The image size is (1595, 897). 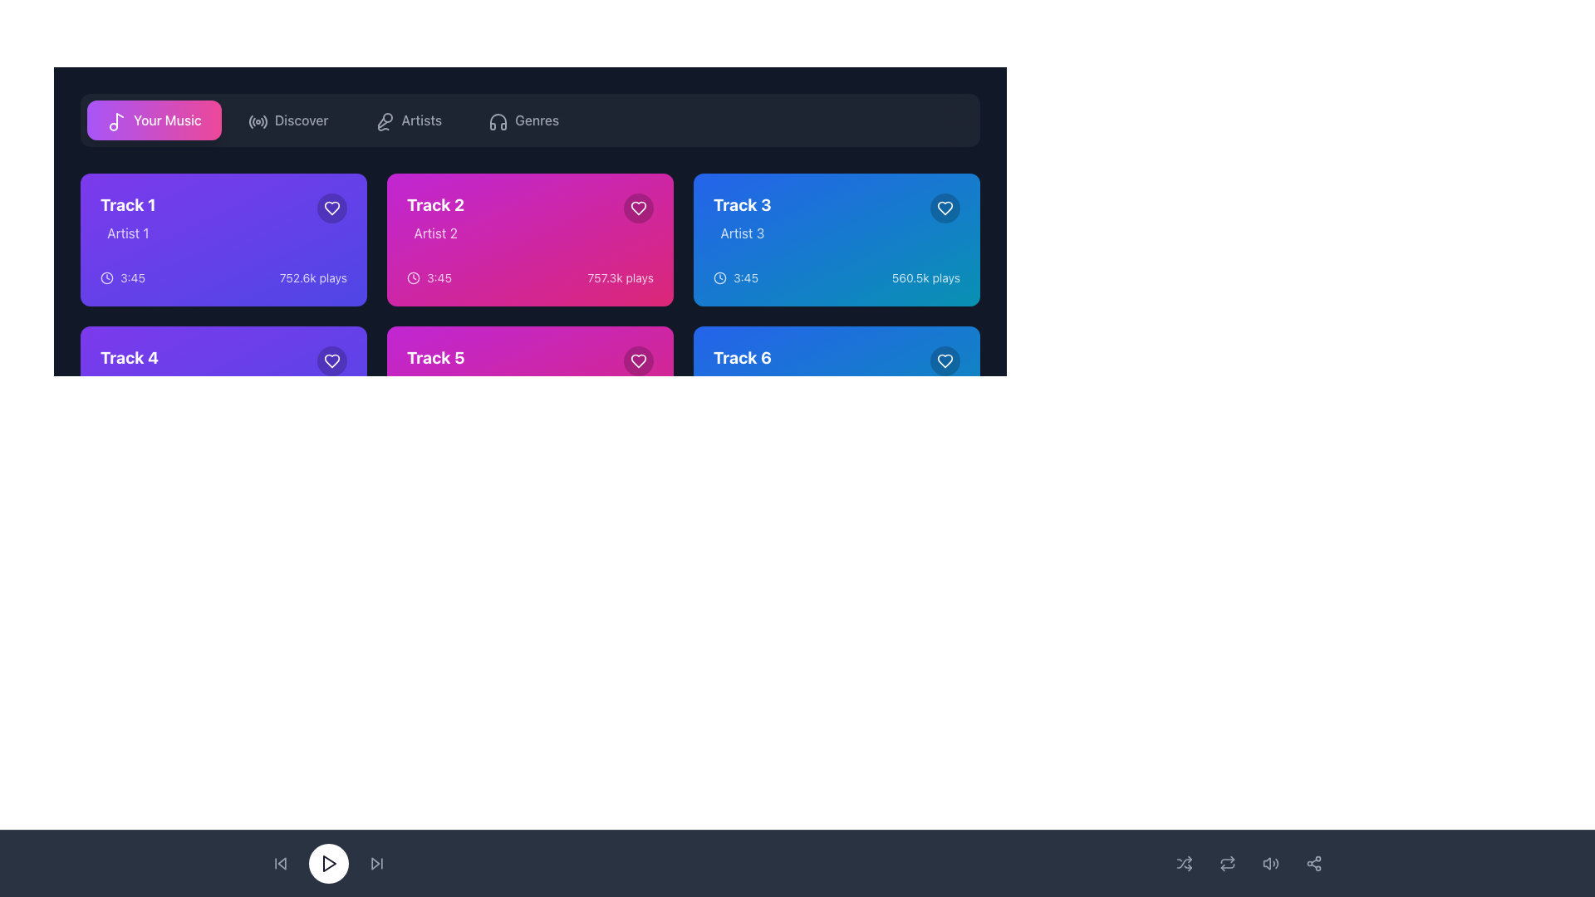 I want to click on the skip-forward button icon, which features forward-pointing arrows and a vertical line, so click(x=376, y=863).